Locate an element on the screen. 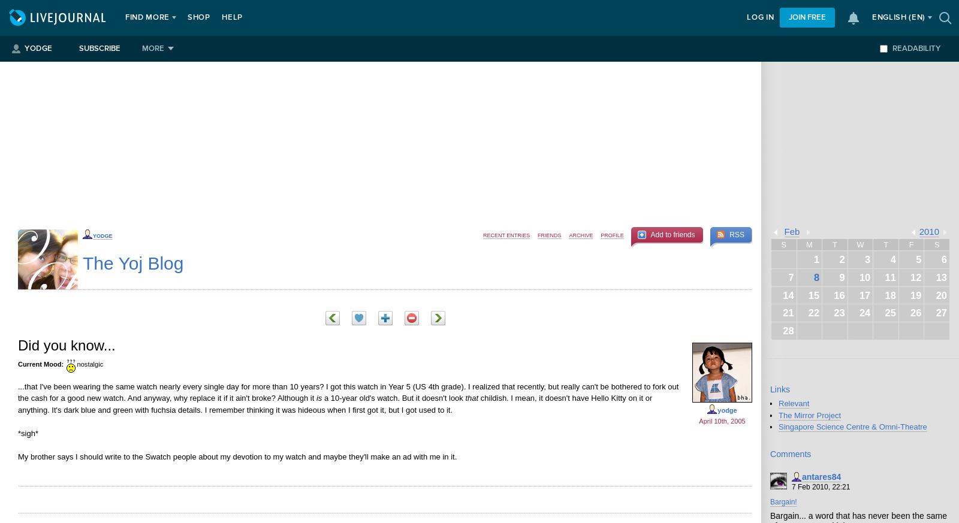 This screenshot has height=523, width=959. 'Did you know...' is located at coordinates (66, 344).